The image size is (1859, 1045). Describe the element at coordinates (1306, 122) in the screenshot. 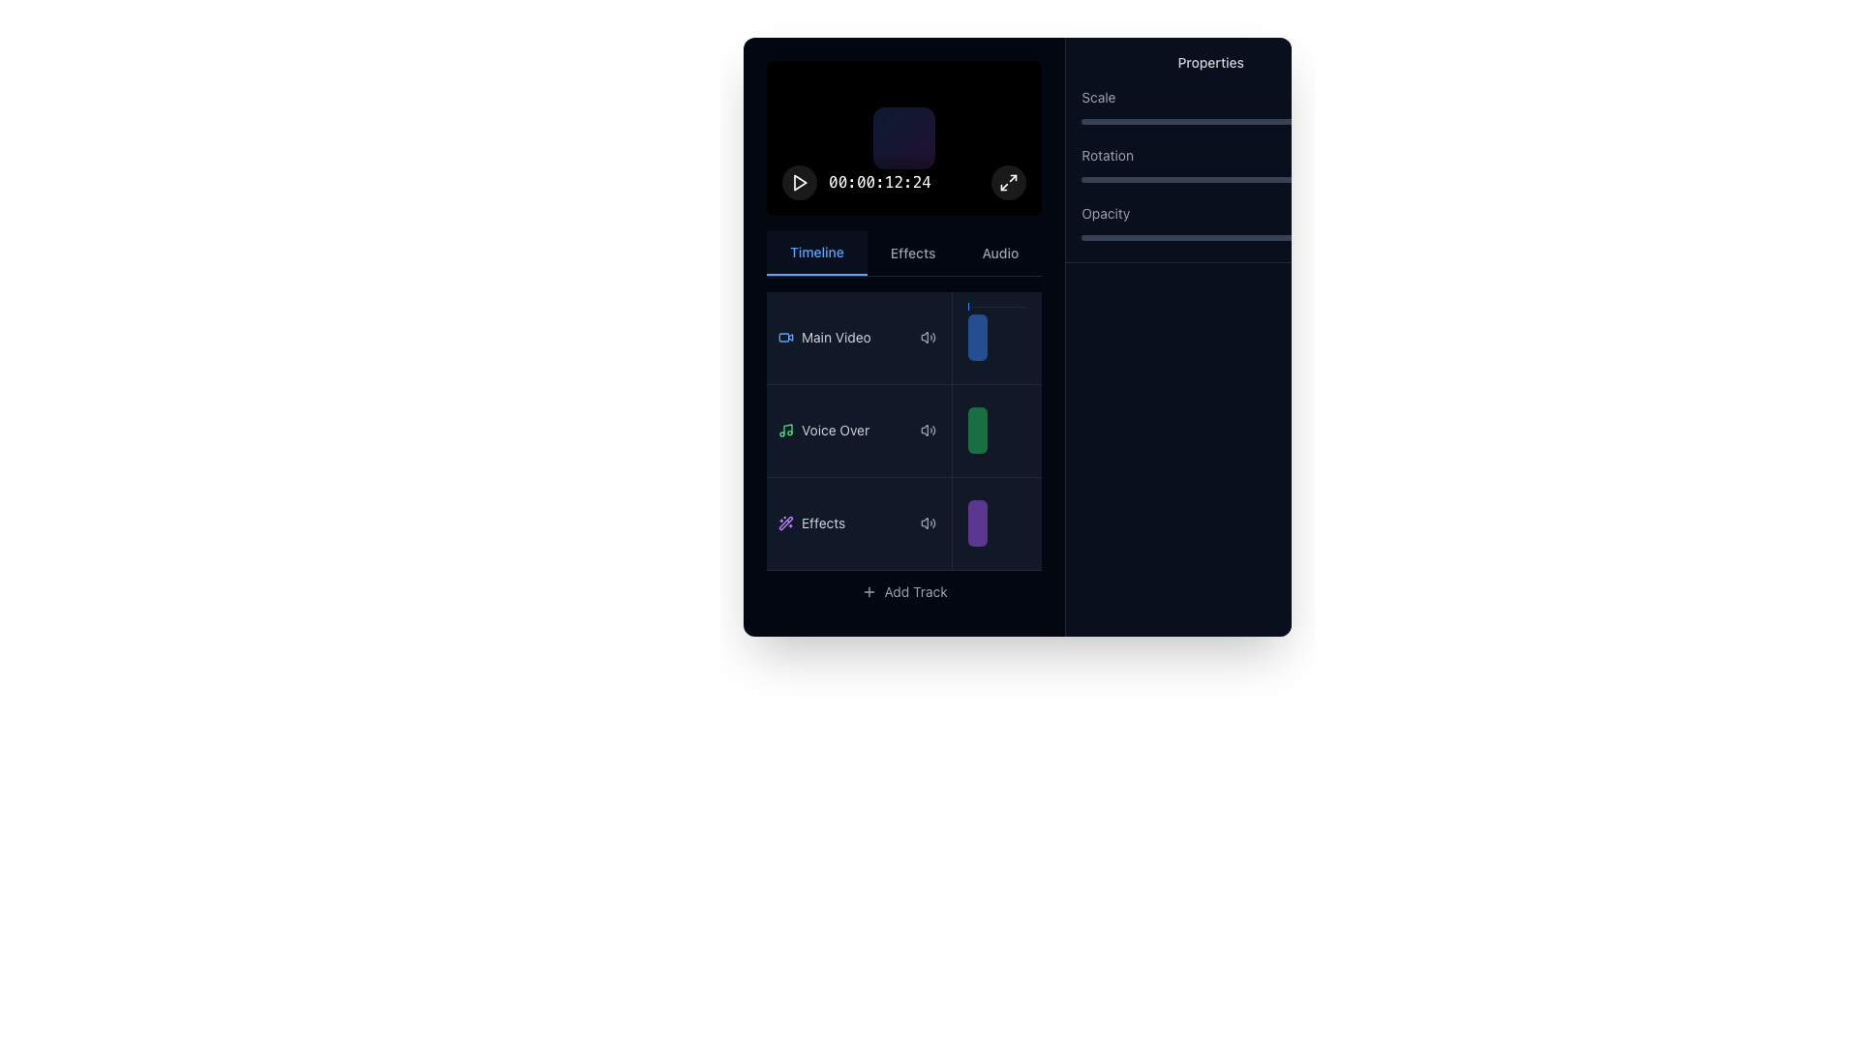

I see `the scale property` at that location.